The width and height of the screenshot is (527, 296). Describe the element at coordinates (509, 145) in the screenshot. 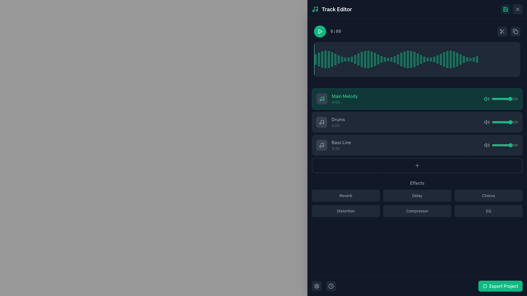

I see `the slider value` at that location.